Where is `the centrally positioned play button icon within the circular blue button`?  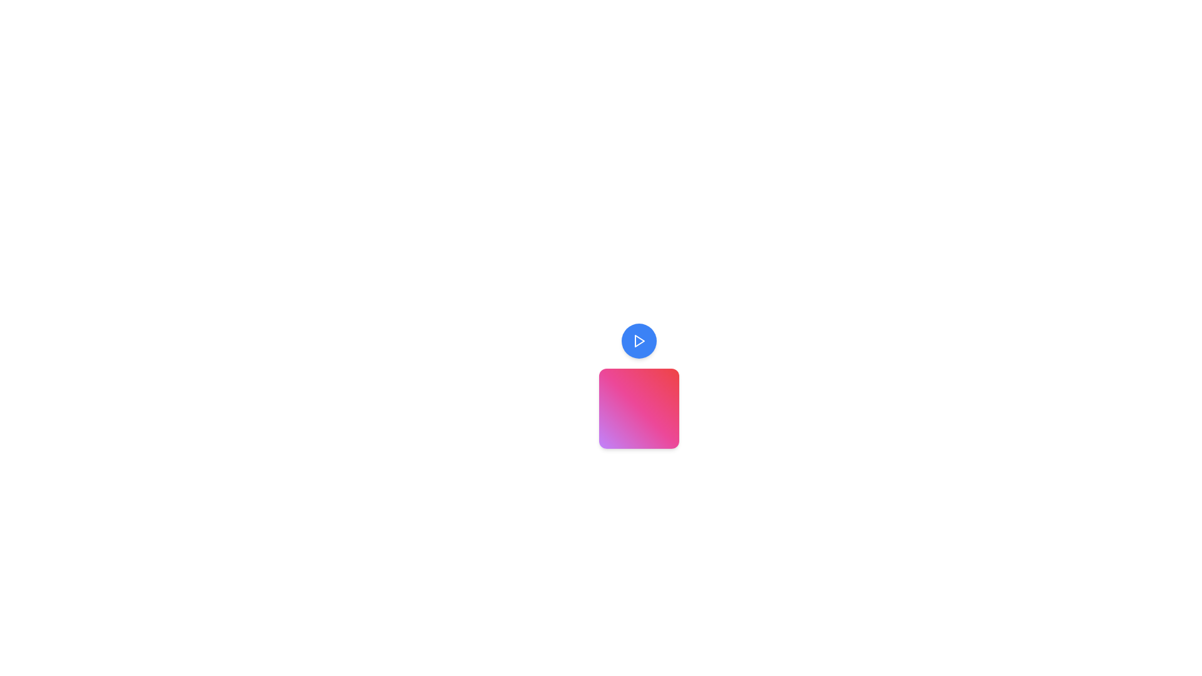
the centrally positioned play button icon within the circular blue button is located at coordinates (639, 341).